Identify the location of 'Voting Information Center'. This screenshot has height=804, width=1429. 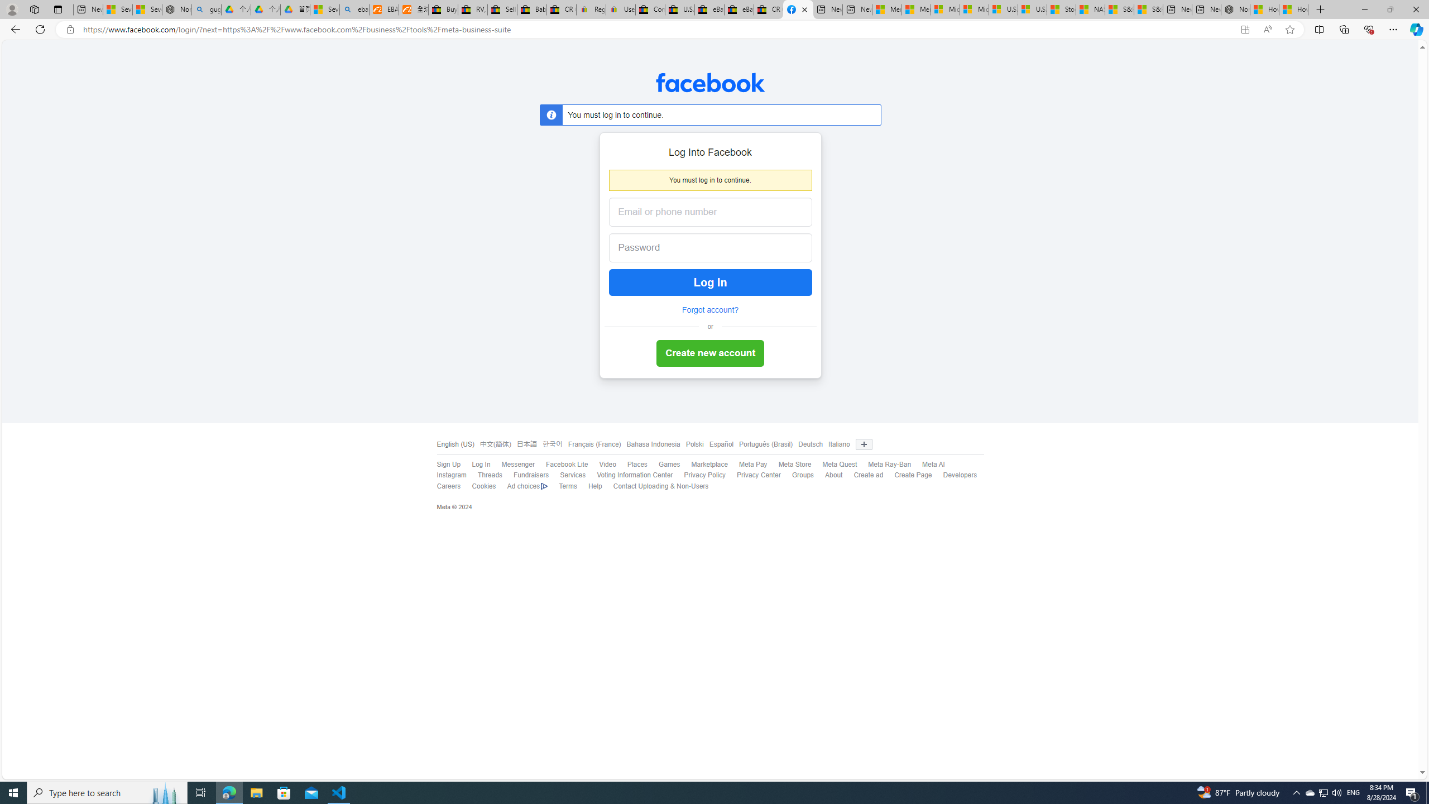
(629, 475).